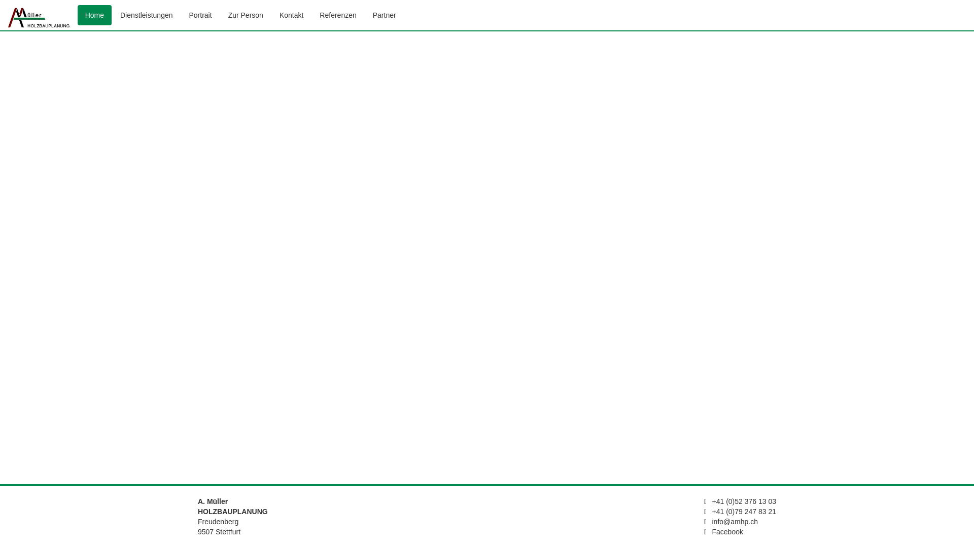 The image size is (974, 547). I want to click on 'Kontakt', so click(291, 15).